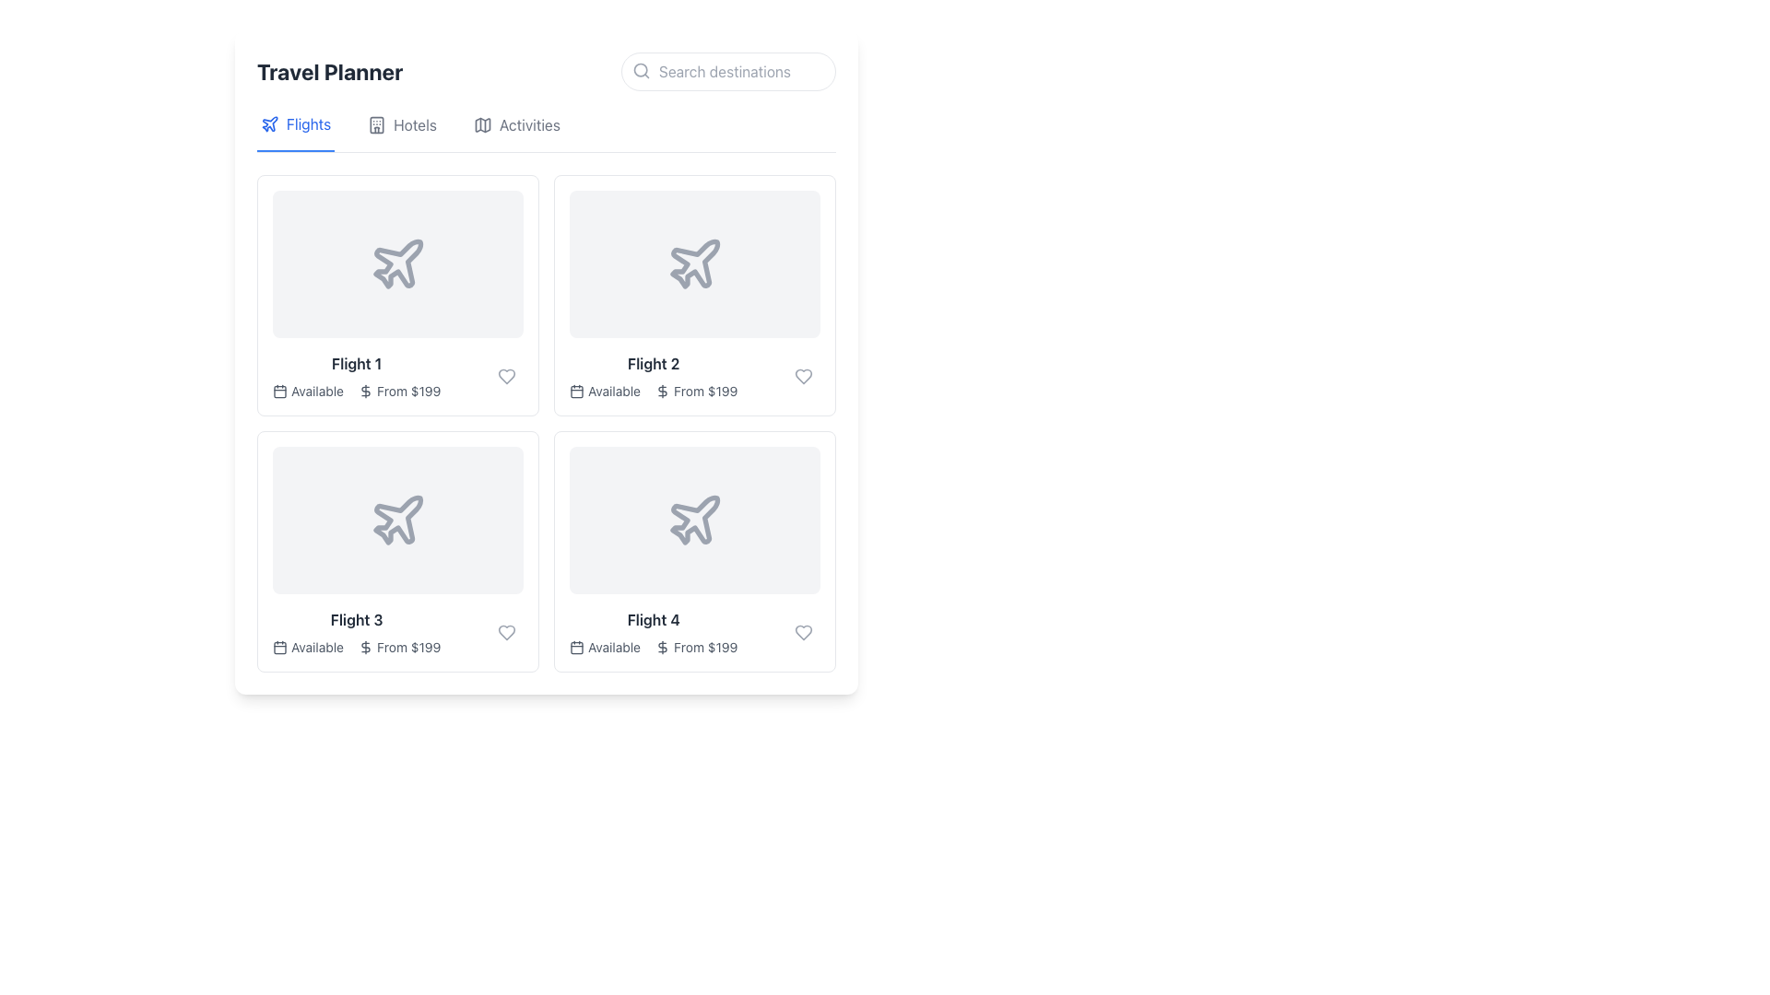  What do you see at coordinates (507, 375) in the screenshot?
I see `the 'like' icon located at the bottom-right corner of the 'Flight 1' card in the top-left position of the grid layout` at bounding box center [507, 375].